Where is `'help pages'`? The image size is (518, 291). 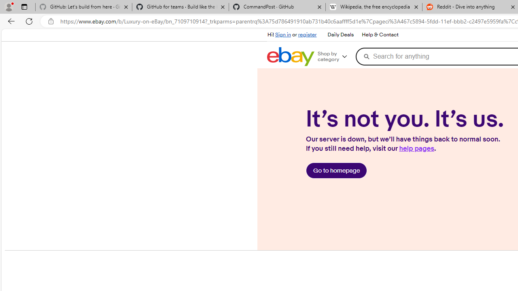 'help pages' is located at coordinates (416, 148).